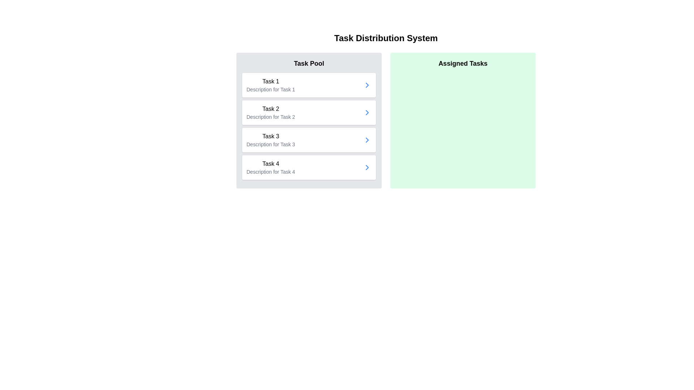 Image resolution: width=694 pixels, height=390 pixels. Describe the element at coordinates (367, 140) in the screenshot. I see `the icon button located at the far right side of the 'Task 3, Description for Task 3' row in the 'Task Pool' list` at that location.